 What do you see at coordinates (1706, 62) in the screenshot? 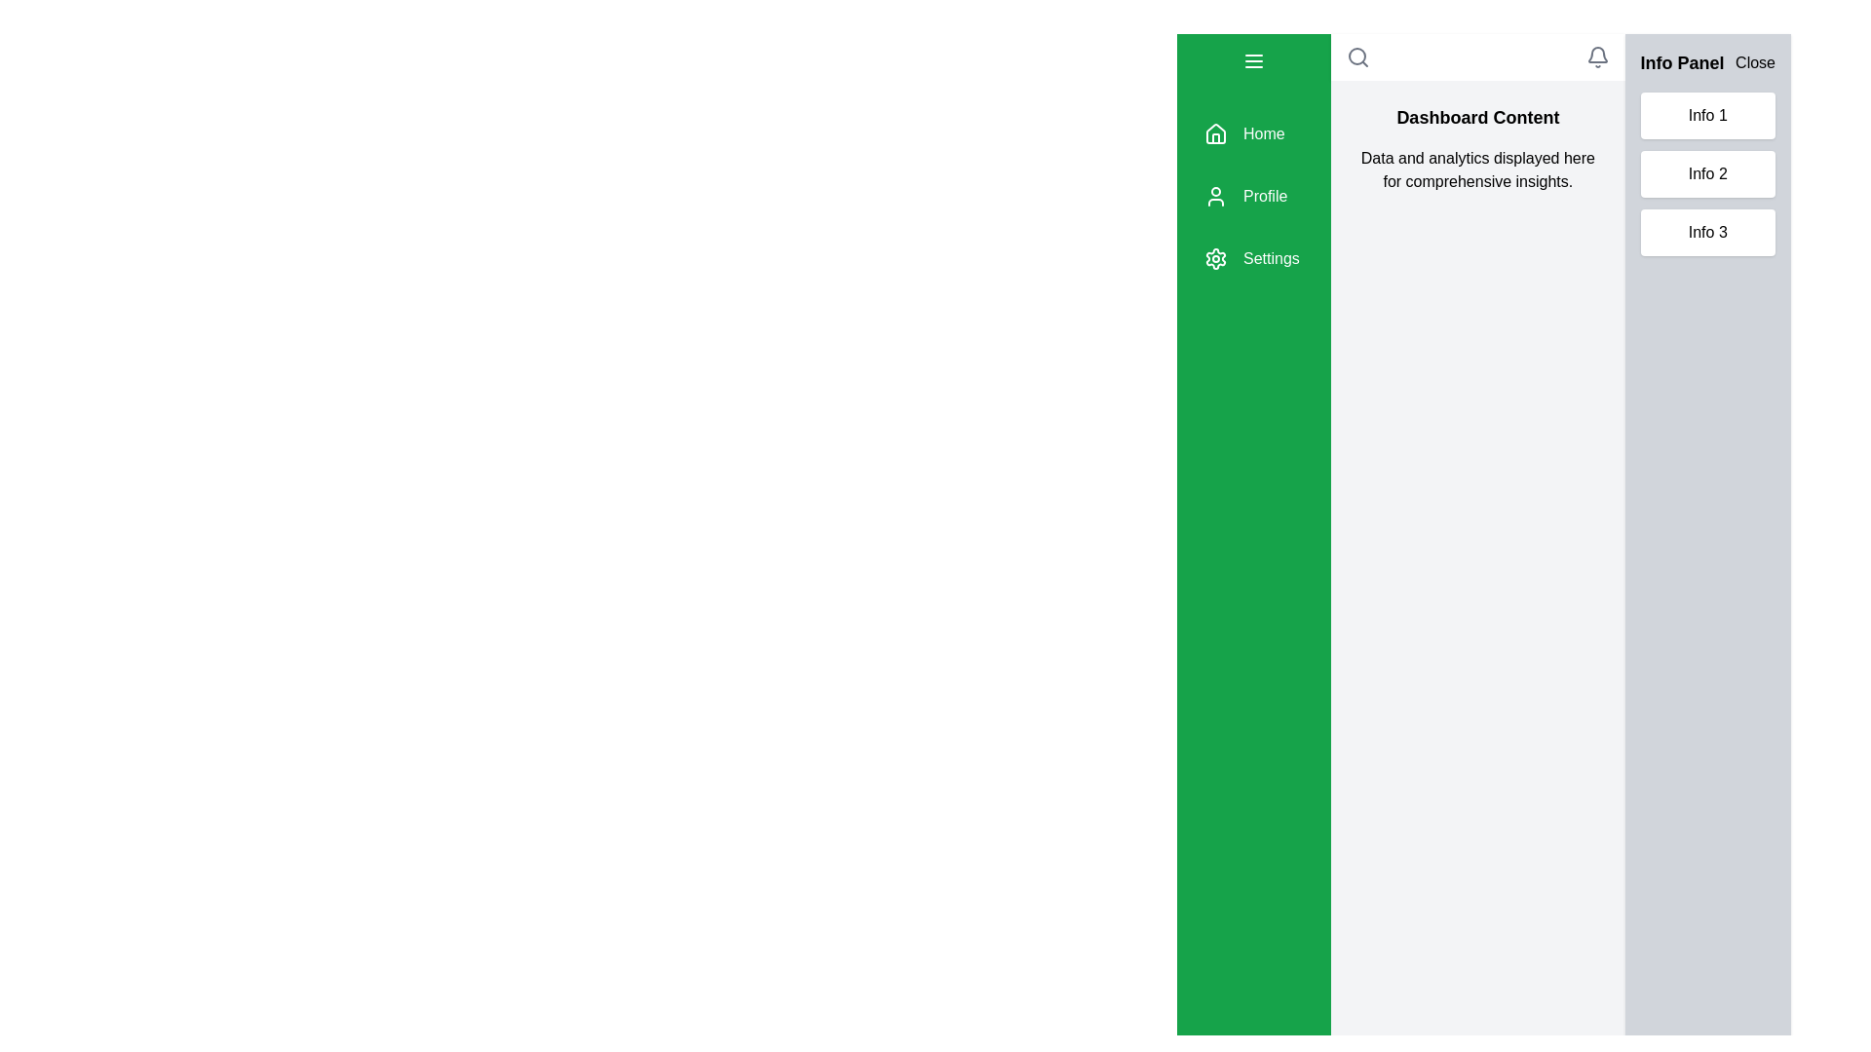
I see `the 'Info Panel' header element located at the top of the gray sidebar` at bounding box center [1706, 62].